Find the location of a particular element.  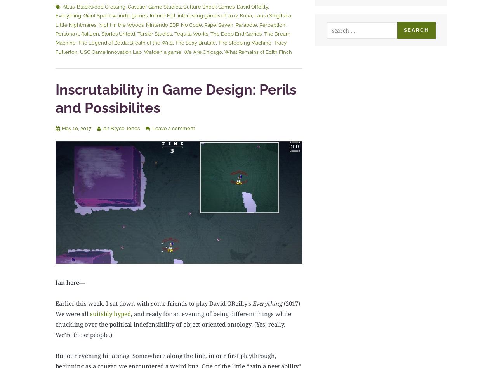

'Little Nightmares' is located at coordinates (76, 24).